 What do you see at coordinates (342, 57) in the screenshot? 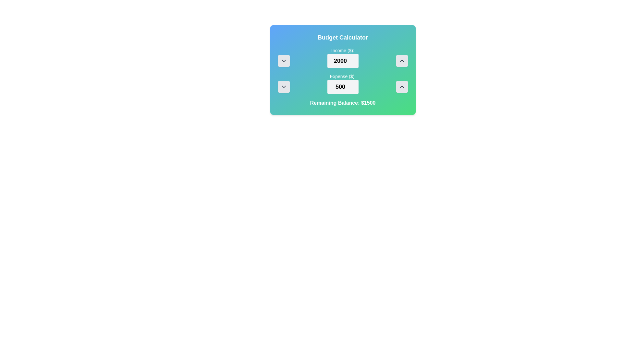
I see `the number input box for adjusting income amount, located centrally under the 'Income ($):' label in the 'Budget Calculator' card` at bounding box center [342, 57].